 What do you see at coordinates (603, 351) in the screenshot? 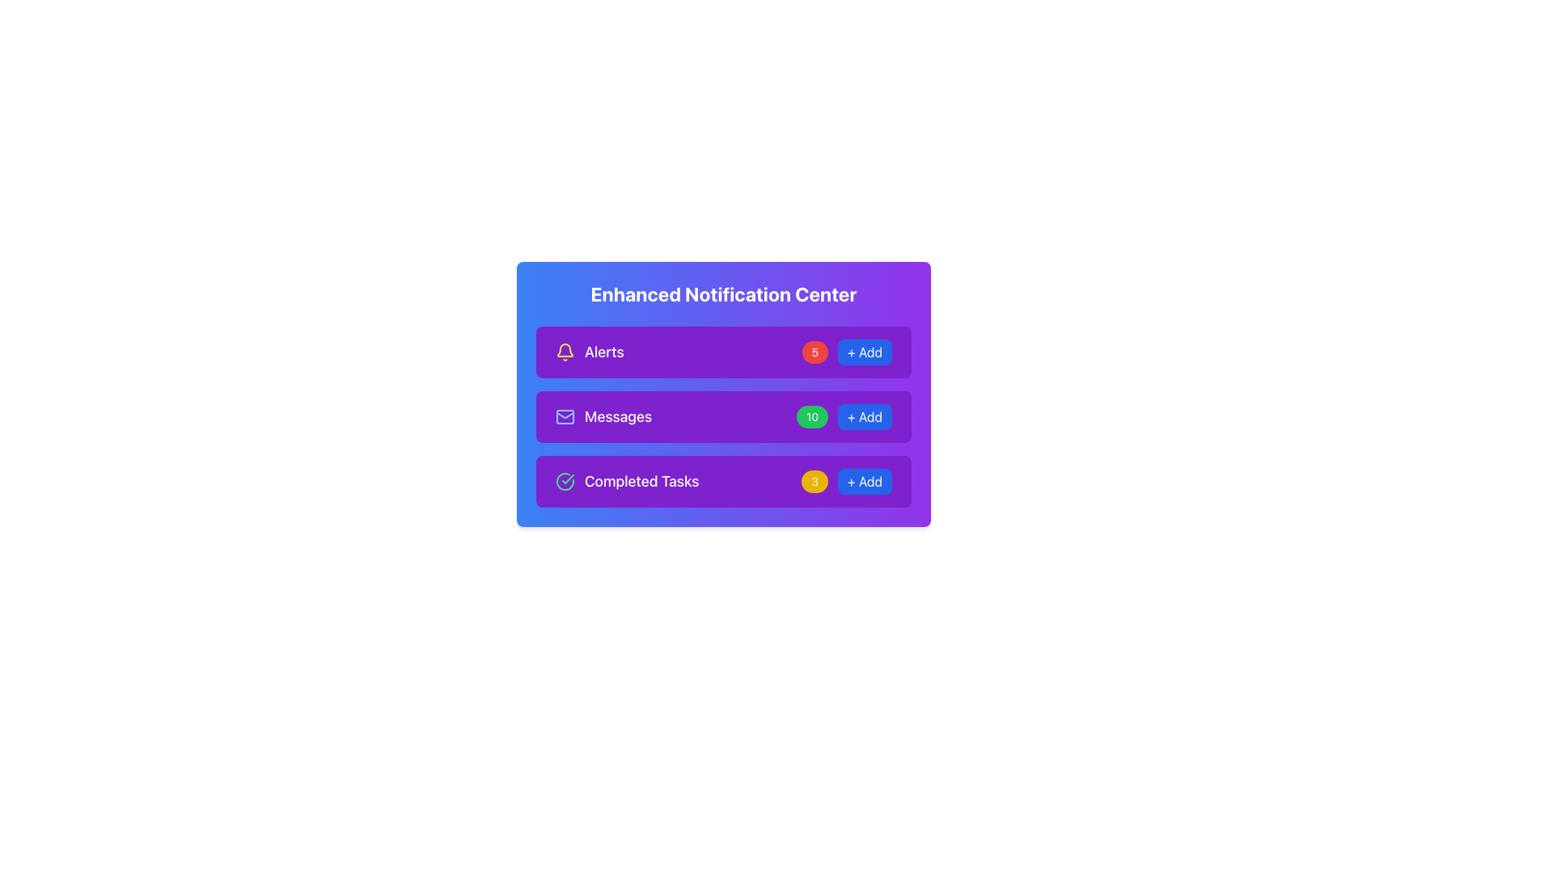
I see `text from the 'Alerts' label, which is styled in bold and located in the first row of the notification list below 'Enhanced Notification Center'` at bounding box center [603, 351].